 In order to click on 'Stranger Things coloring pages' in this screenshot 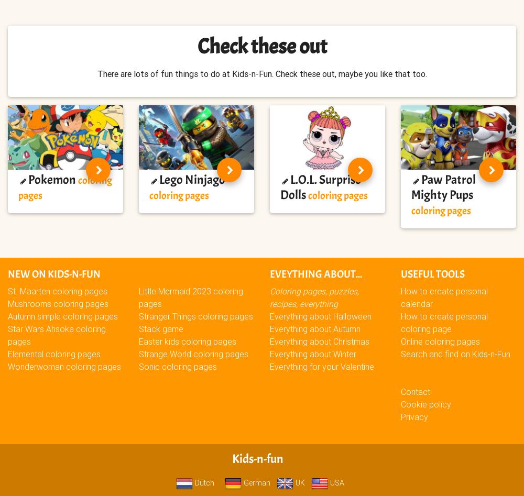, I will do `click(195, 315)`.